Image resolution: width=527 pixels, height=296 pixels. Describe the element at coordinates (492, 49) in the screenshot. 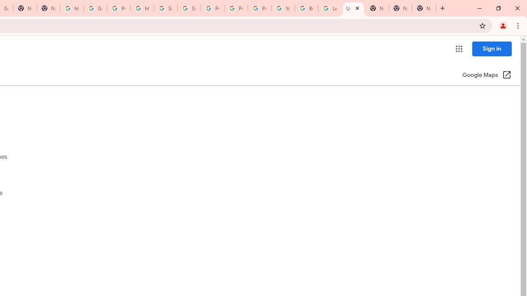

I see `'Sign in'` at that location.